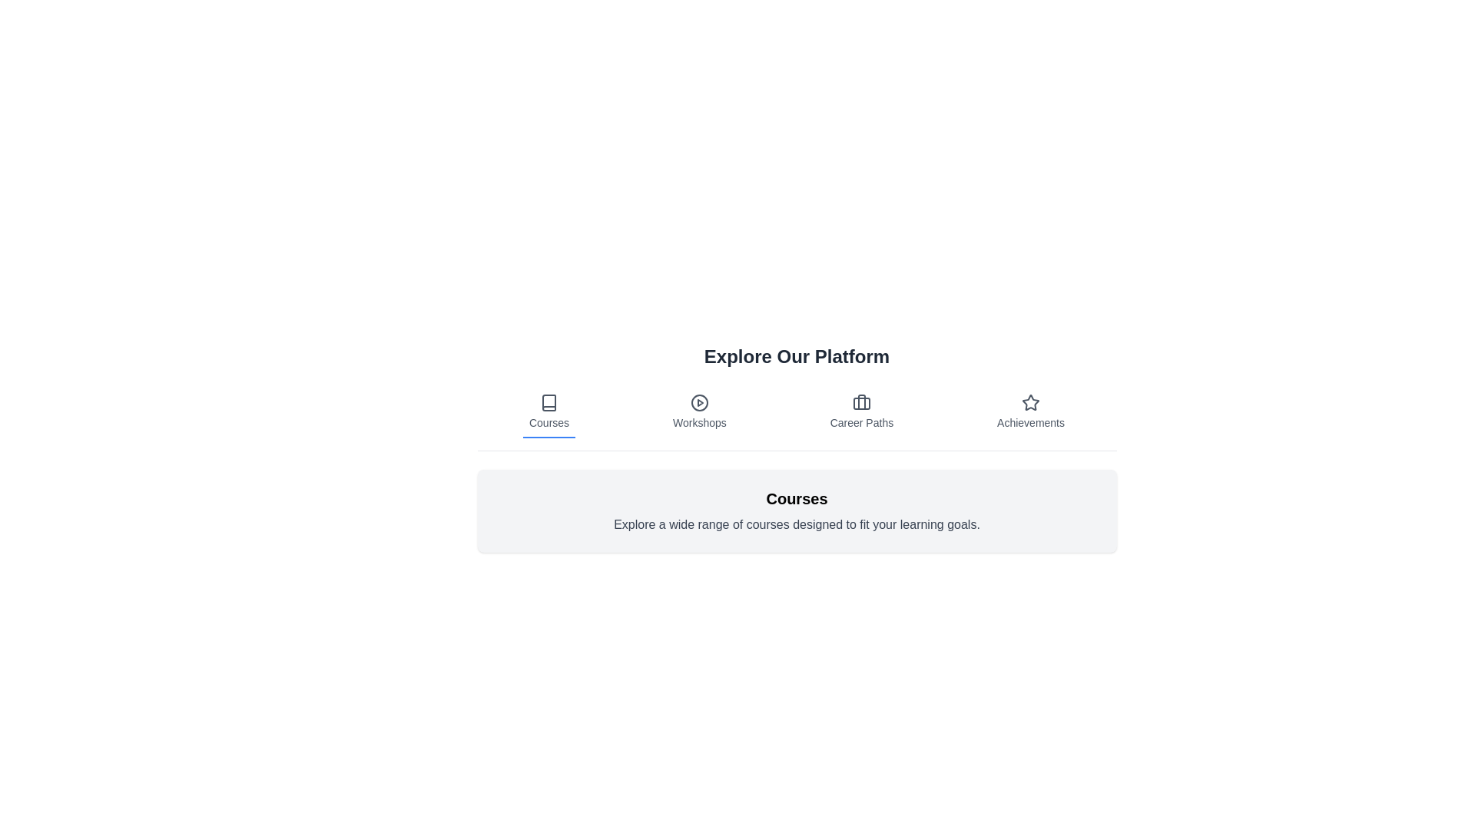  Describe the element at coordinates (1031, 411) in the screenshot. I see `the tab corresponding to Achievements` at that location.